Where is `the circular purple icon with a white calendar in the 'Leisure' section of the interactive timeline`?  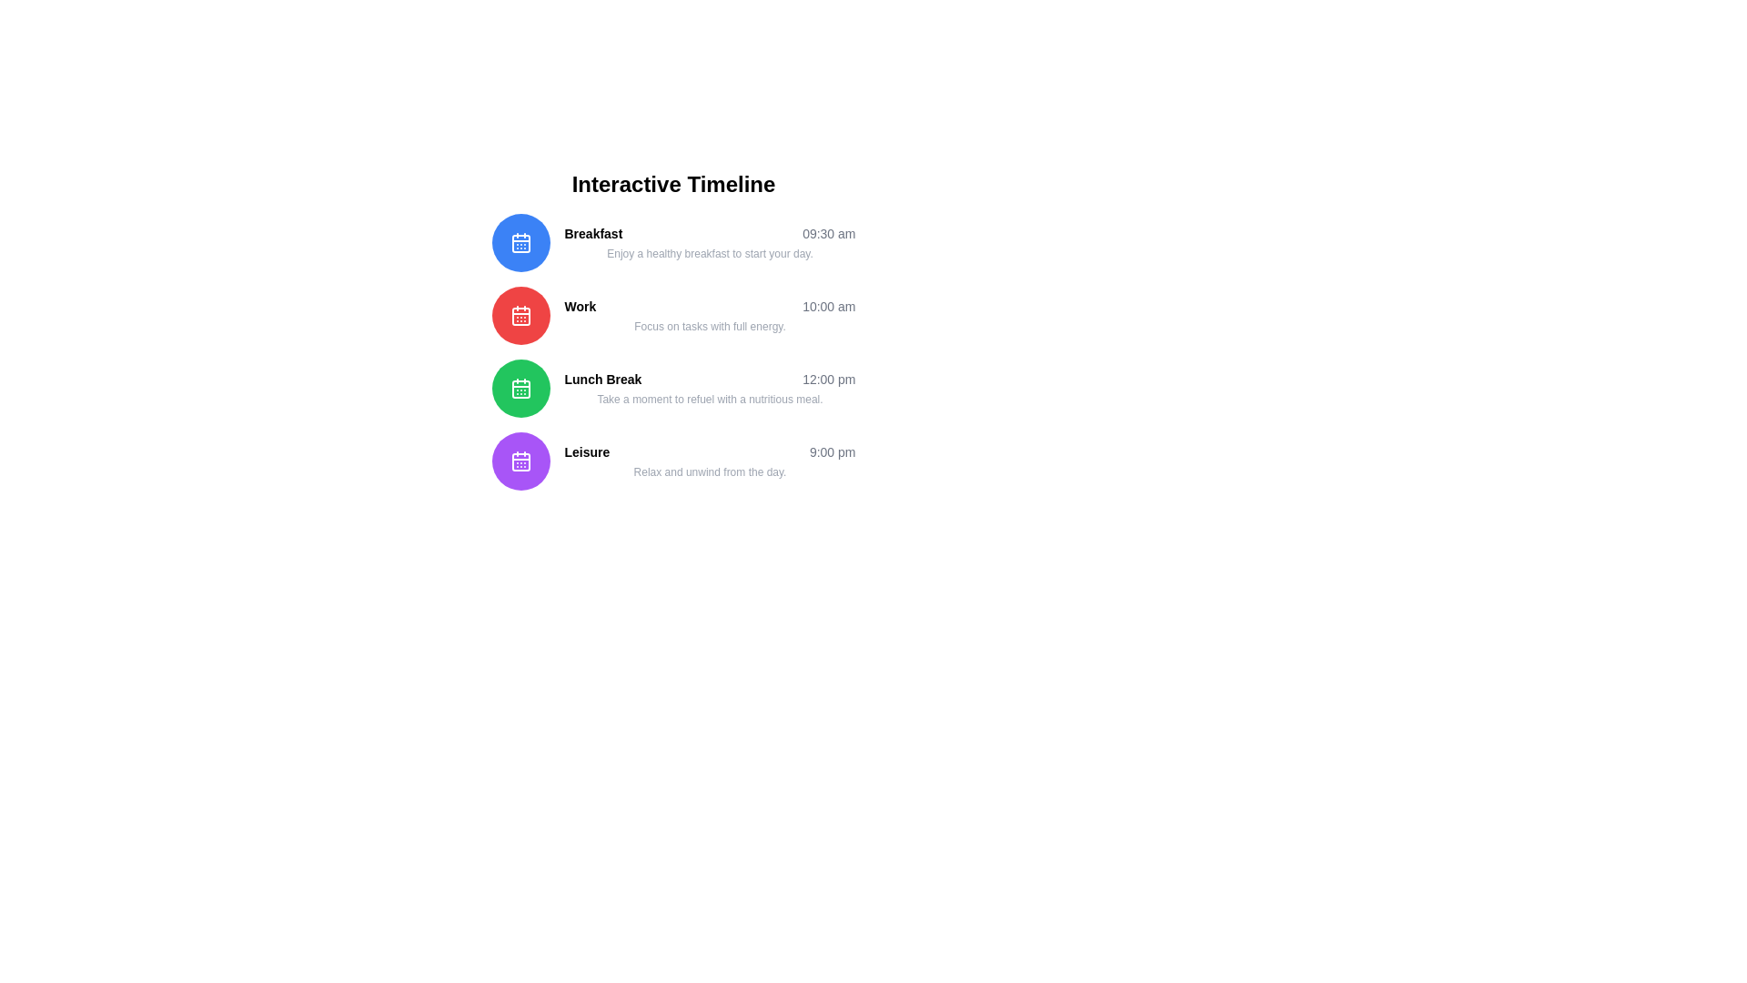
the circular purple icon with a white calendar in the 'Leisure' section of the interactive timeline is located at coordinates (520, 460).